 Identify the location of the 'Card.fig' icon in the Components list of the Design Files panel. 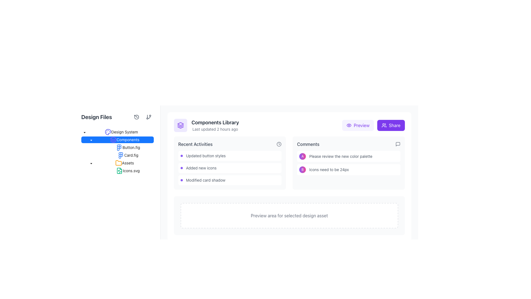
(121, 155).